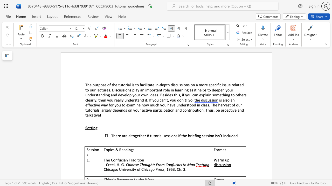  I want to click on the subset text "bution. Thus, b" within the text "participation and contribution. Thus, be proactive and talkative!", so click(192, 110).